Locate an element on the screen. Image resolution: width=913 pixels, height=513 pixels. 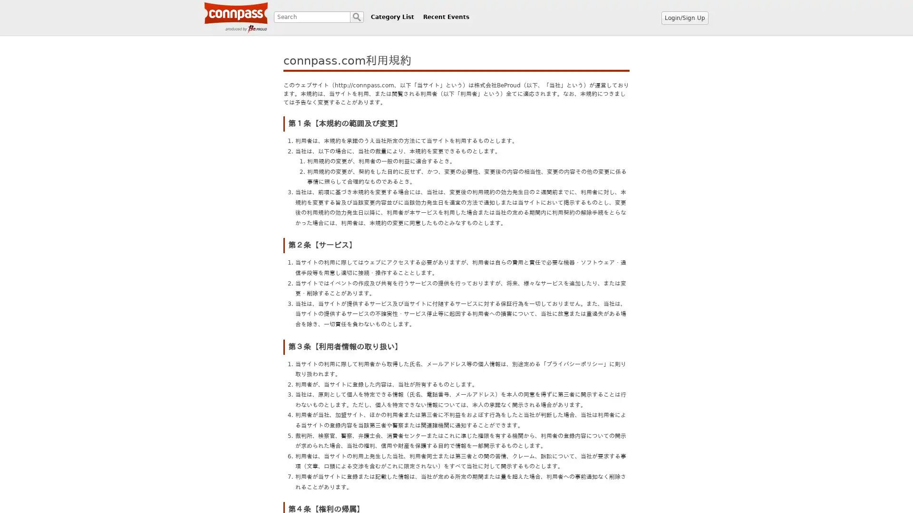
Search is located at coordinates (356, 17).